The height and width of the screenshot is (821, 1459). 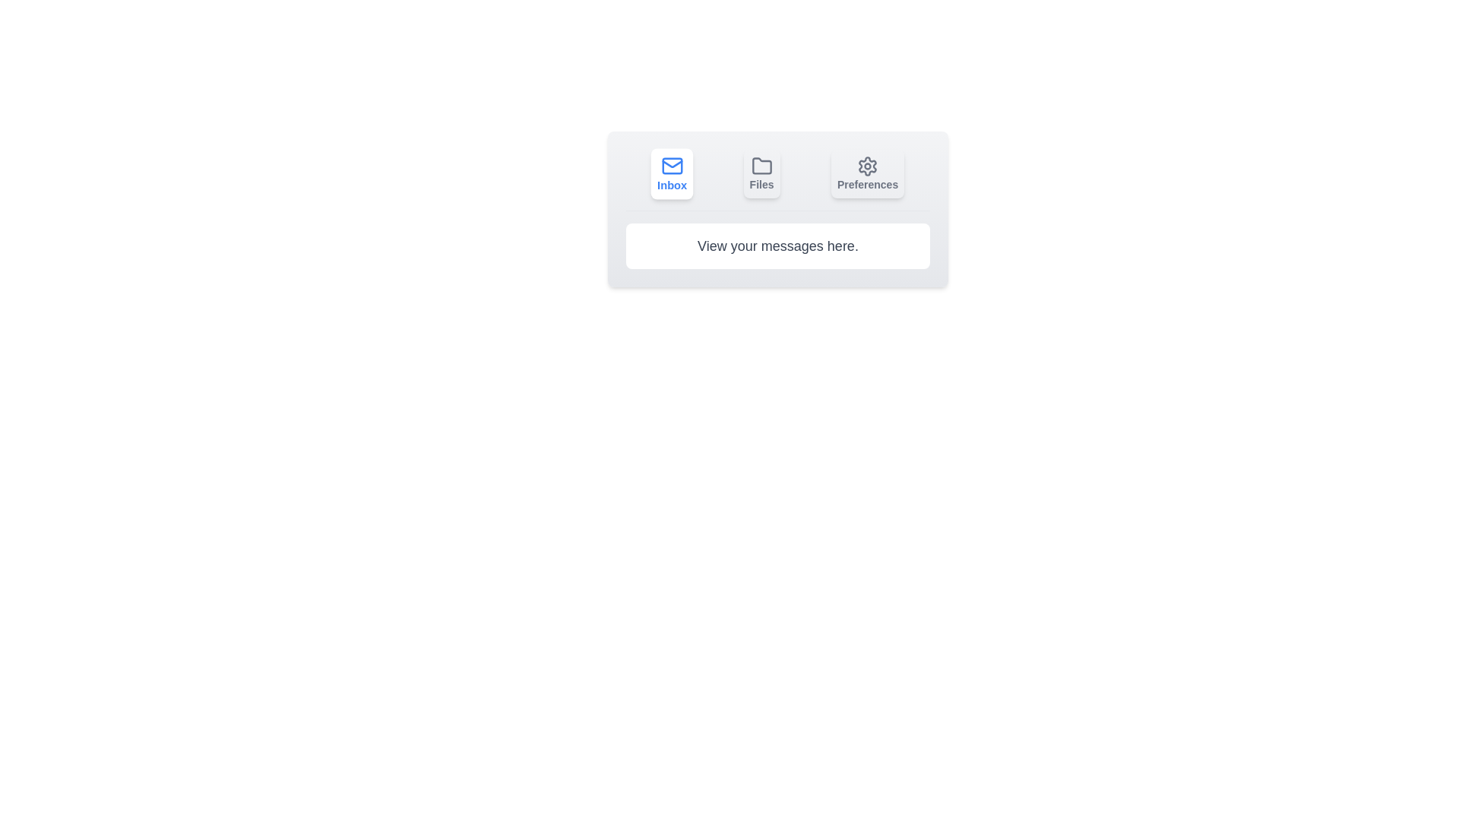 What do you see at coordinates (777, 179) in the screenshot?
I see `the 'Files' button on the navigation bar` at bounding box center [777, 179].